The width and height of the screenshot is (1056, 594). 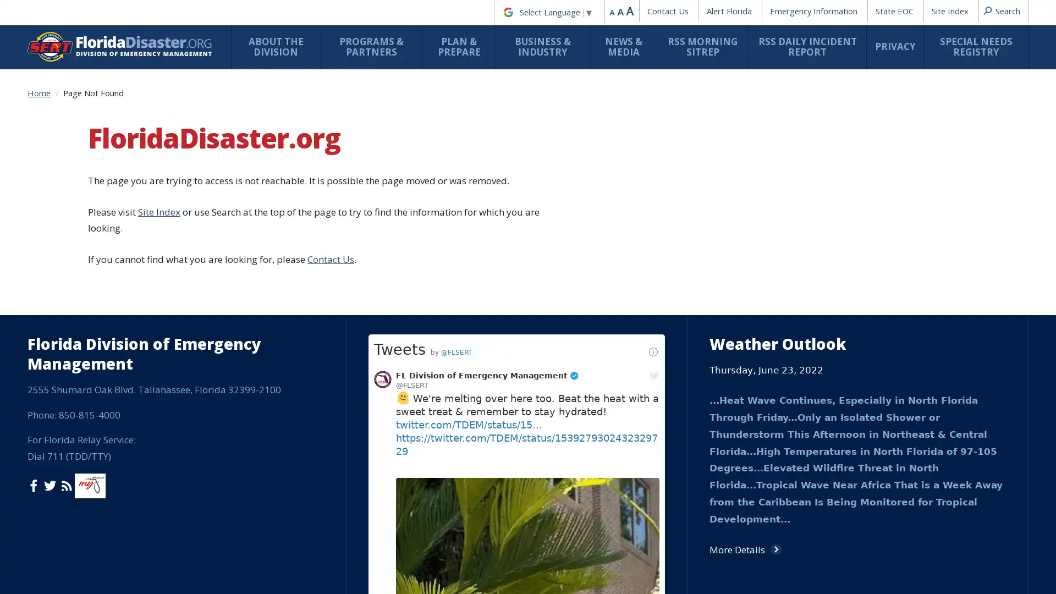 What do you see at coordinates (441, 116) in the screenshot?
I see `Toggle More` at bounding box center [441, 116].